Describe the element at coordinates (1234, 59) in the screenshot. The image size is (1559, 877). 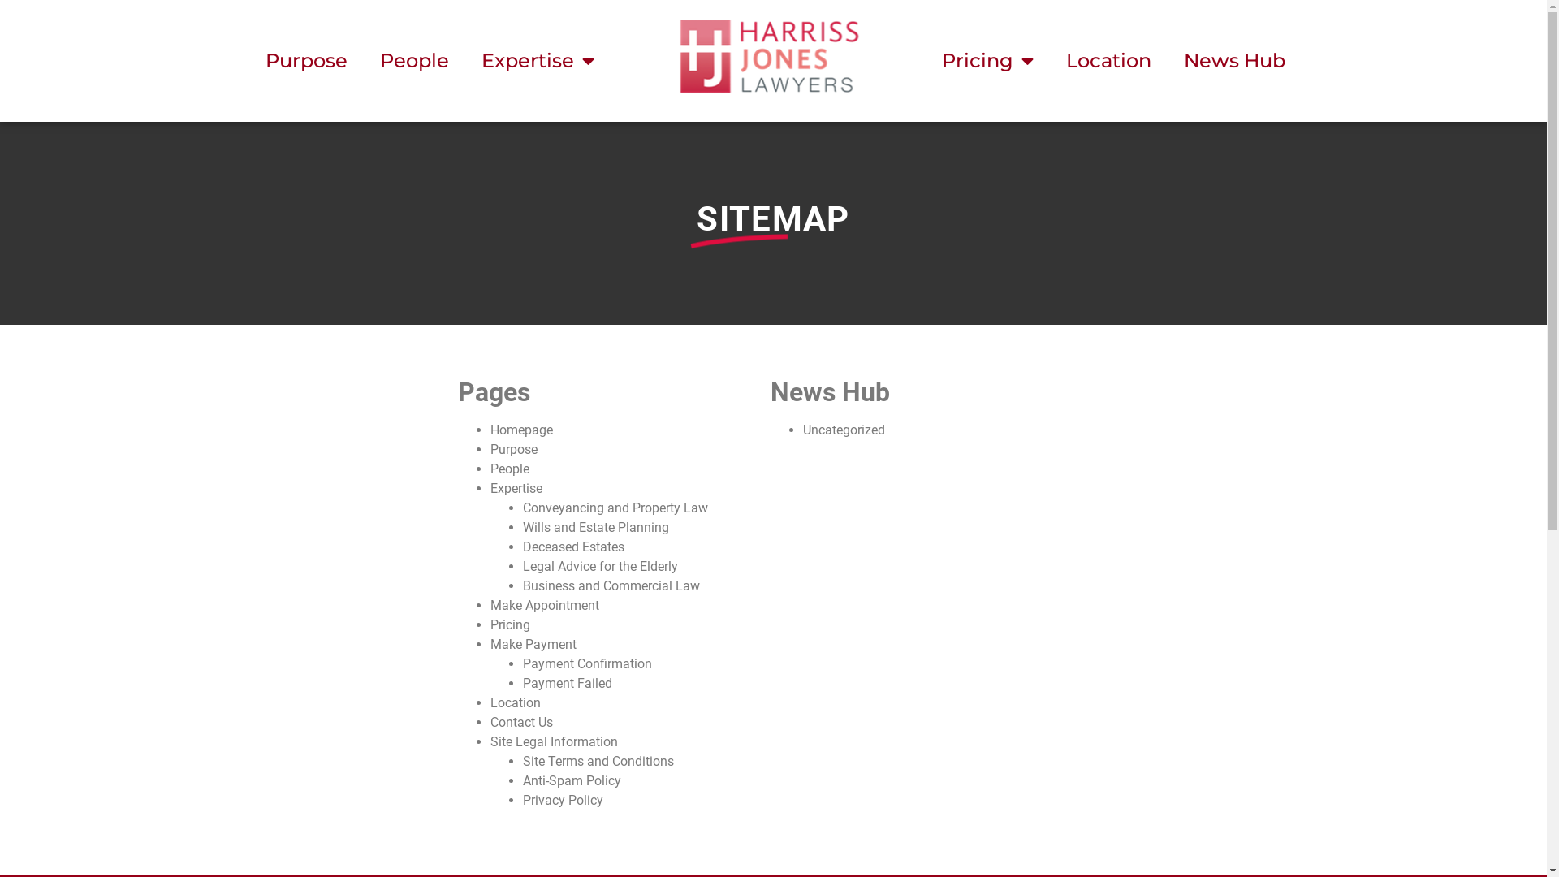
I see `'News Hub'` at that location.